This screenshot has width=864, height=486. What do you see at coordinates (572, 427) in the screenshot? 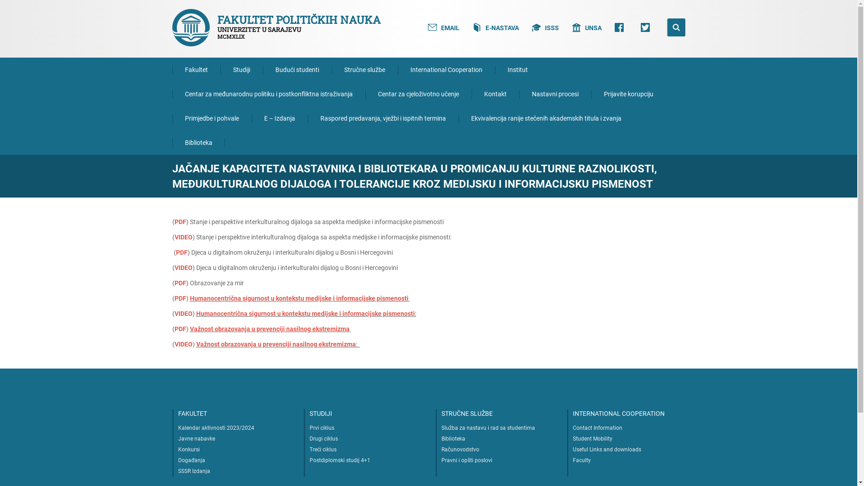
I see `'Contact Information'` at bounding box center [572, 427].